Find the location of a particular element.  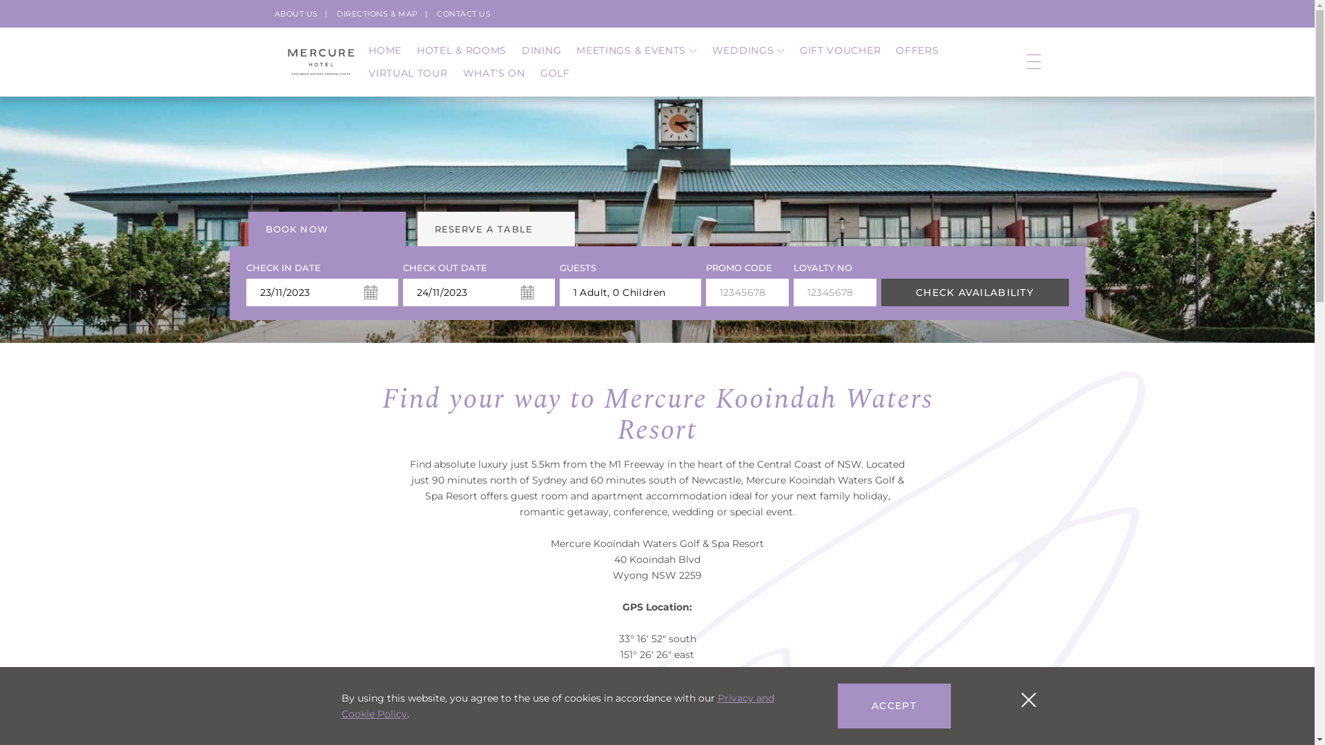

'OFFERS' is located at coordinates (917, 50).